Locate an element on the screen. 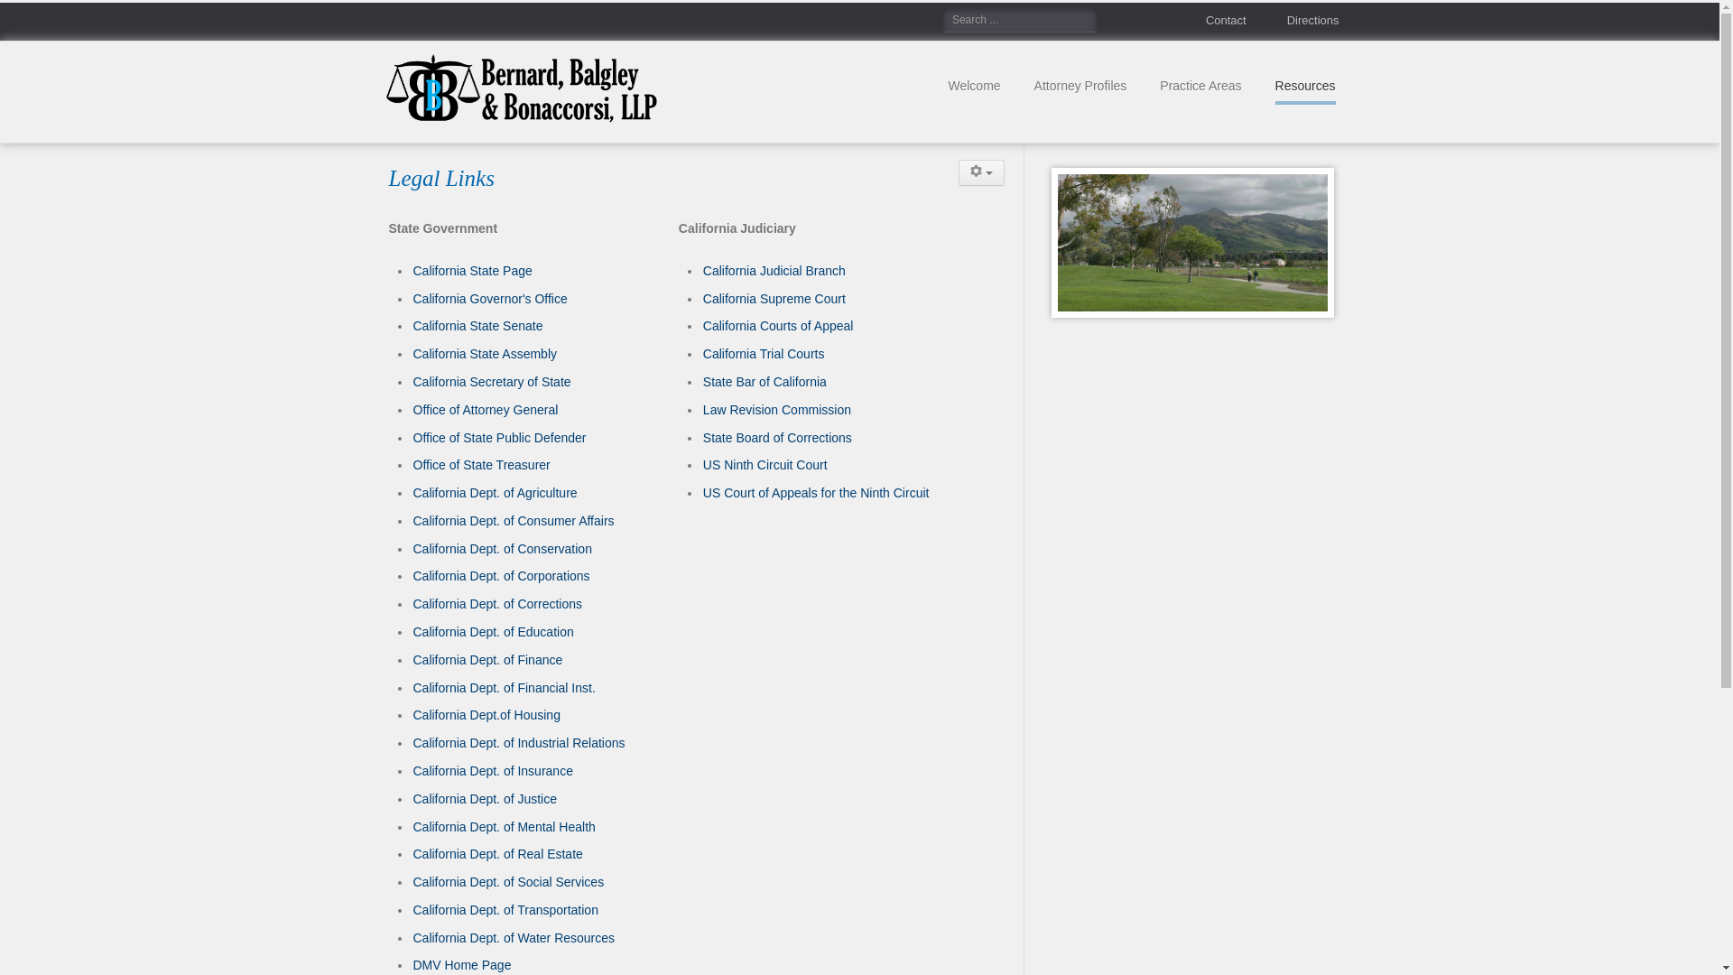 This screenshot has height=975, width=1733. 'California Dept. of Social Services' is located at coordinates (508, 880).